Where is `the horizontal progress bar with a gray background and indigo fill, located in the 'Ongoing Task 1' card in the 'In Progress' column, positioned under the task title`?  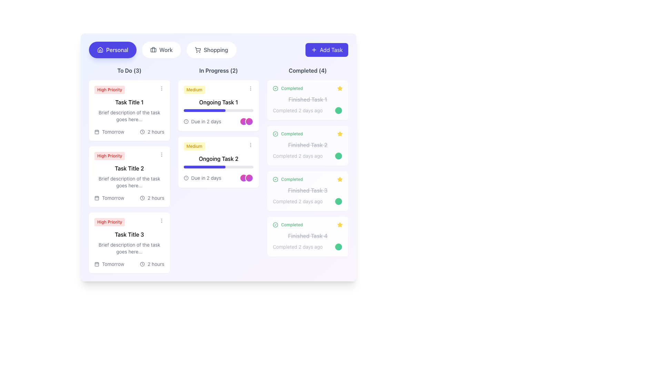
the horizontal progress bar with a gray background and indigo fill, located in the 'Ongoing Task 1' card in the 'In Progress' column, positioned under the task title is located at coordinates (218, 110).